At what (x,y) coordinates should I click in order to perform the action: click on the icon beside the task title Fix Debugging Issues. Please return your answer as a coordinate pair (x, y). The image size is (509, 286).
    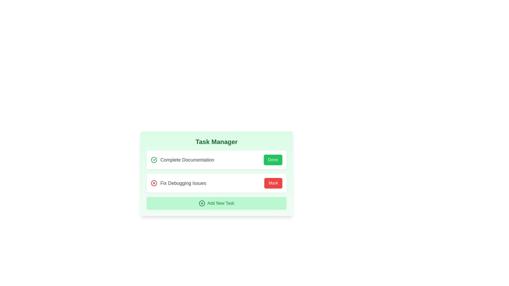
    Looking at the image, I should click on (153, 183).